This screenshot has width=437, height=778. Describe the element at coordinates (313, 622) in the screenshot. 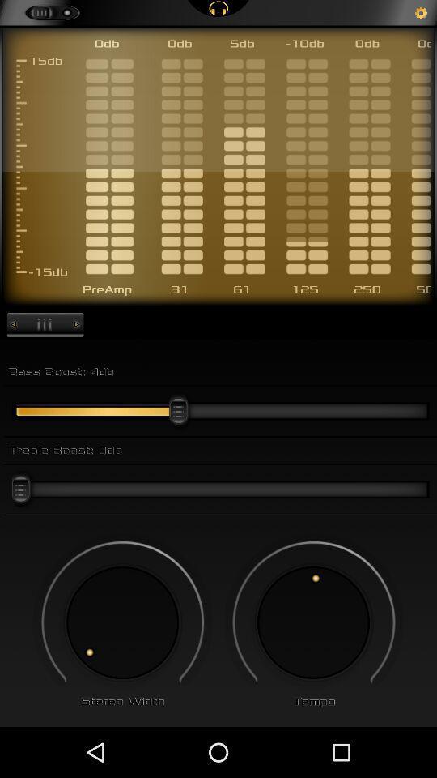

I see `to adjust tempo` at that location.